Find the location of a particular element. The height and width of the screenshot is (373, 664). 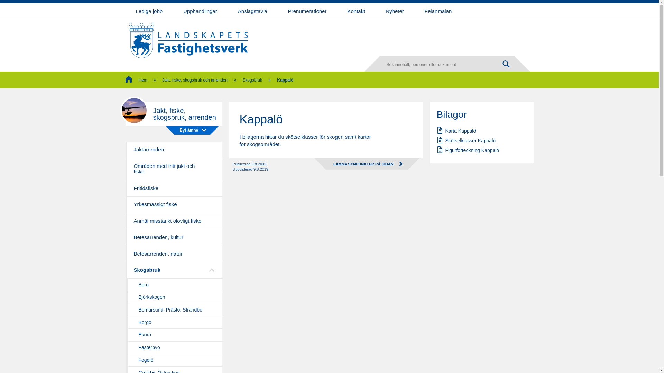

'Kontakt' is located at coordinates (356, 11).